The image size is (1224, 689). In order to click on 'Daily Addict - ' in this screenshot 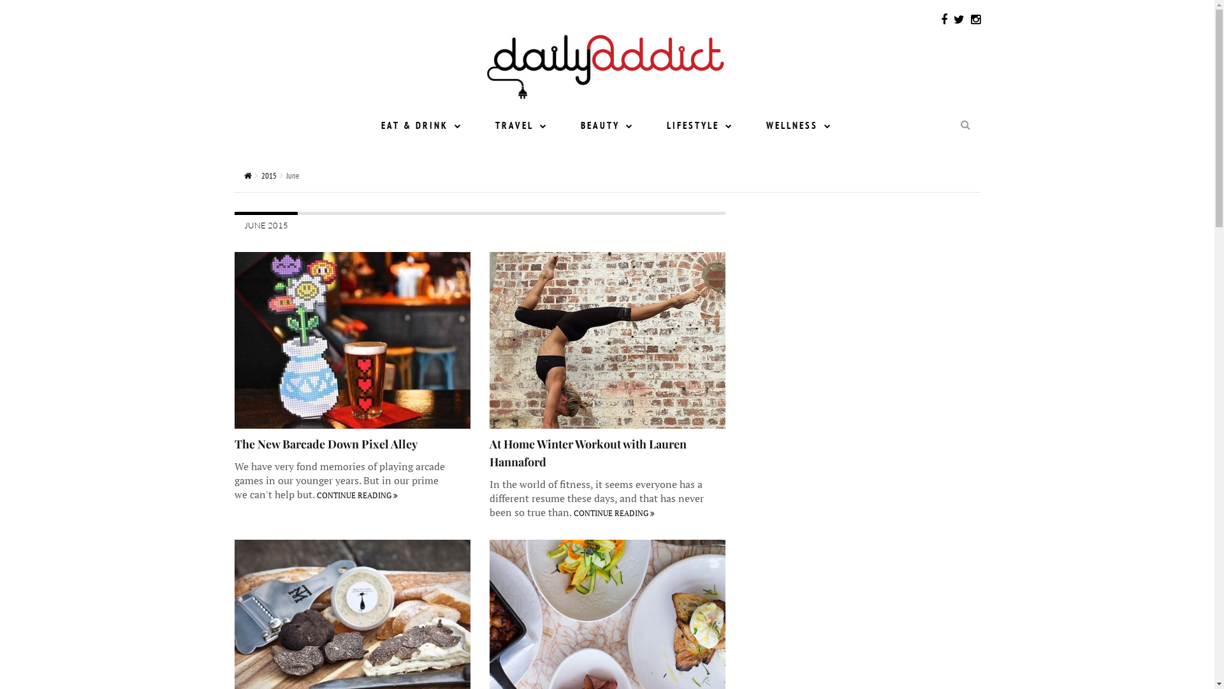, I will do `click(604, 62)`.